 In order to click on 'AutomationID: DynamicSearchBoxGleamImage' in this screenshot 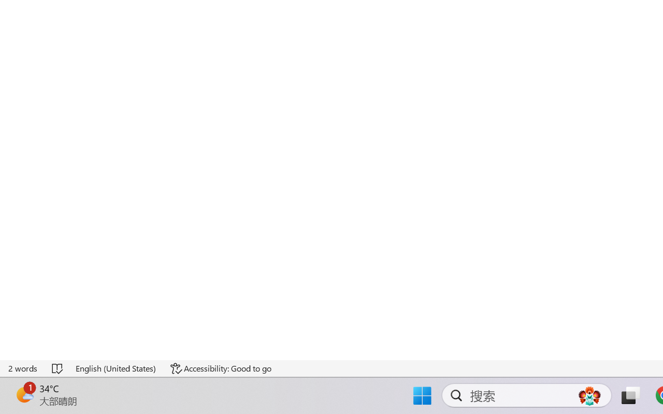, I will do `click(589, 395)`.